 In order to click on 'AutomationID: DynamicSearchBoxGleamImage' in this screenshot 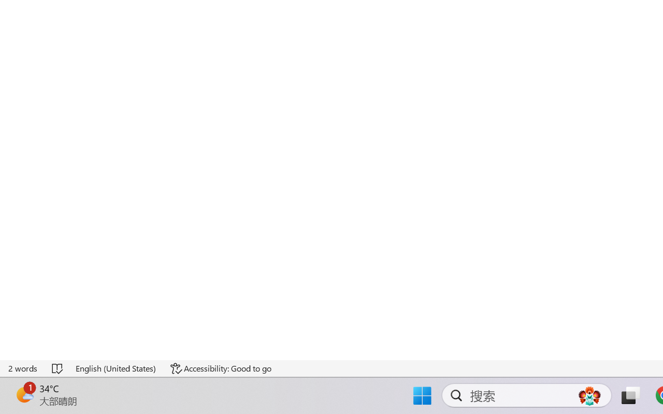, I will do `click(589, 395)`.